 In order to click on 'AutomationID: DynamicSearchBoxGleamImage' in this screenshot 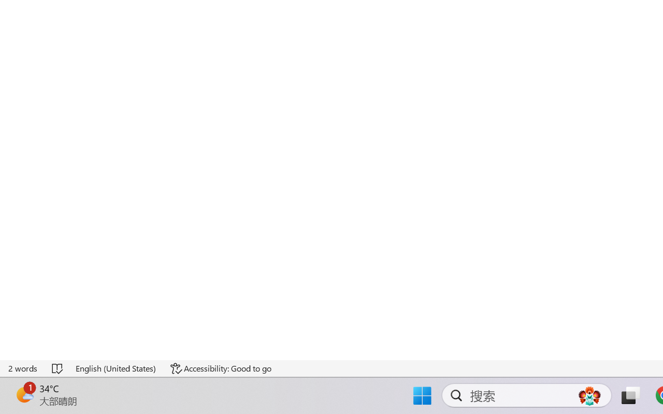, I will do `click(589, 395)`.